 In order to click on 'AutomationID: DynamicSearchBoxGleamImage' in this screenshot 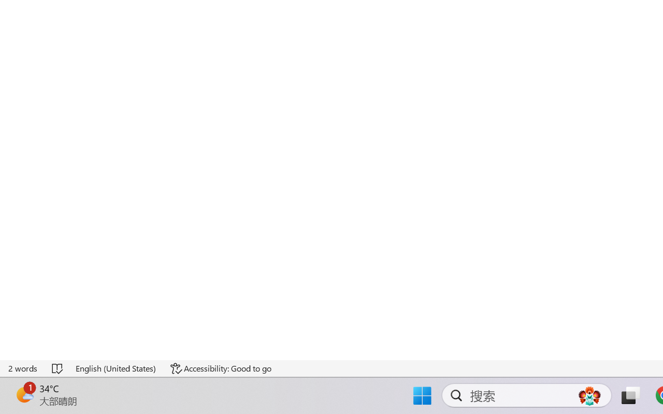, I will do `click(589, 395)`.